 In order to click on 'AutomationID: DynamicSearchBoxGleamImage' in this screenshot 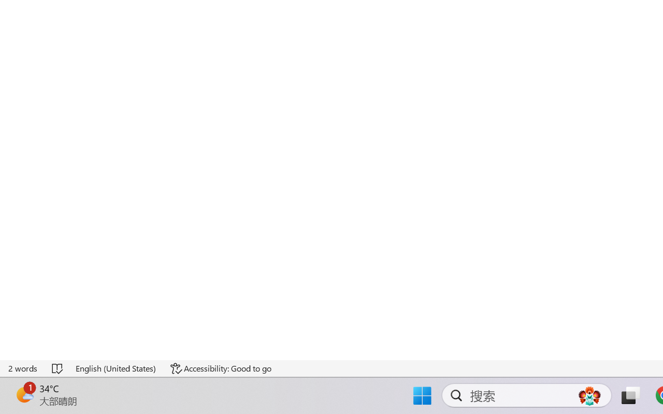, I will do `click(589, 395)`.